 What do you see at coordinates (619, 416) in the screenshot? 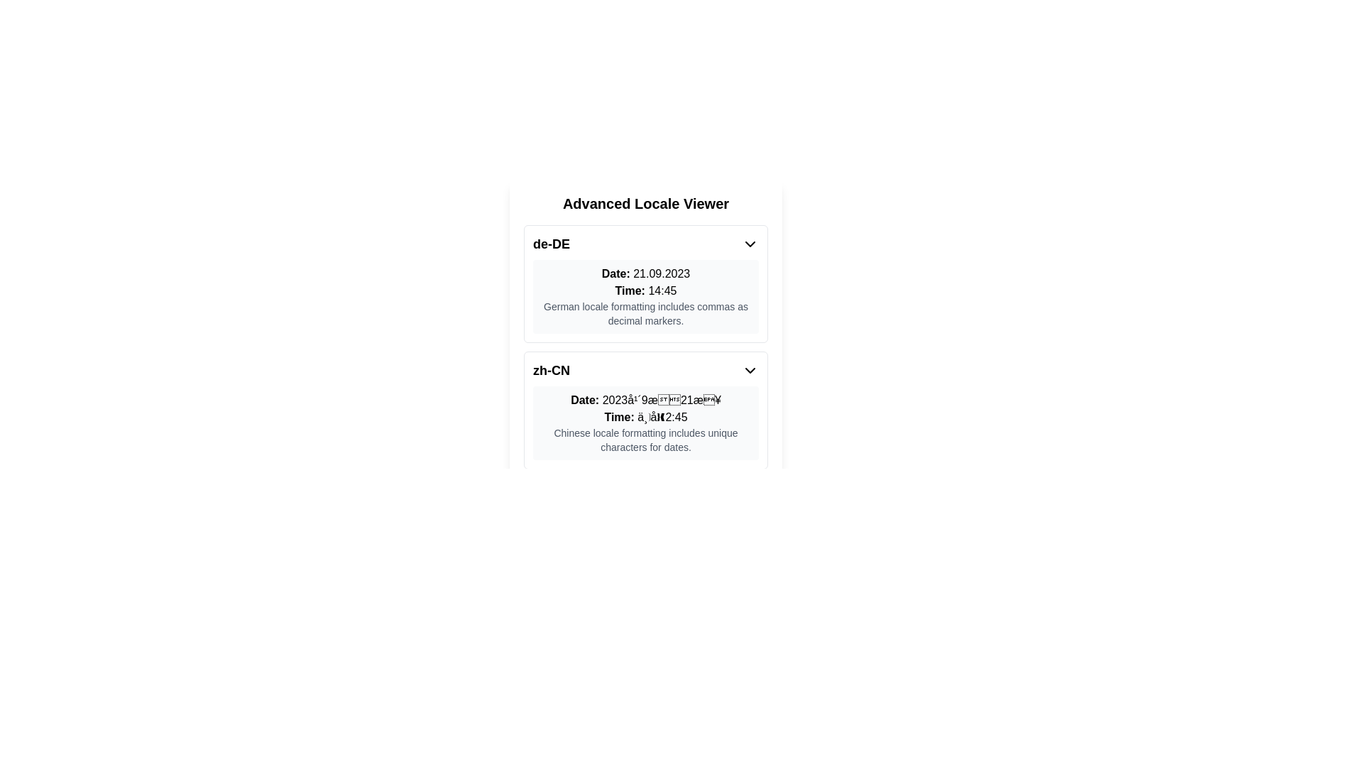
I see `the Text label that identifies the time information displayed next to it, located in the lower section of the interface associated with the 'zh-CN' locale` at bounding box center [619, 416].